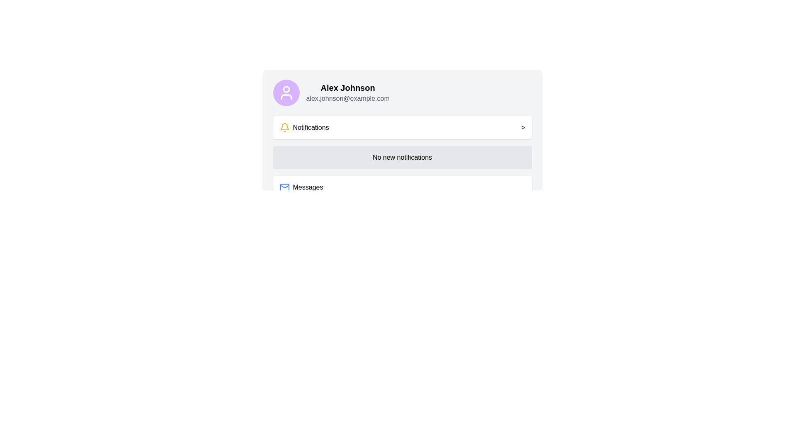 The width and height of the screenshot is (796, 448). I want to click on the text display block that contains the message 'No new notifications', which is located between the 'Notifications' and 'Messages' sections, so click(402, 158).